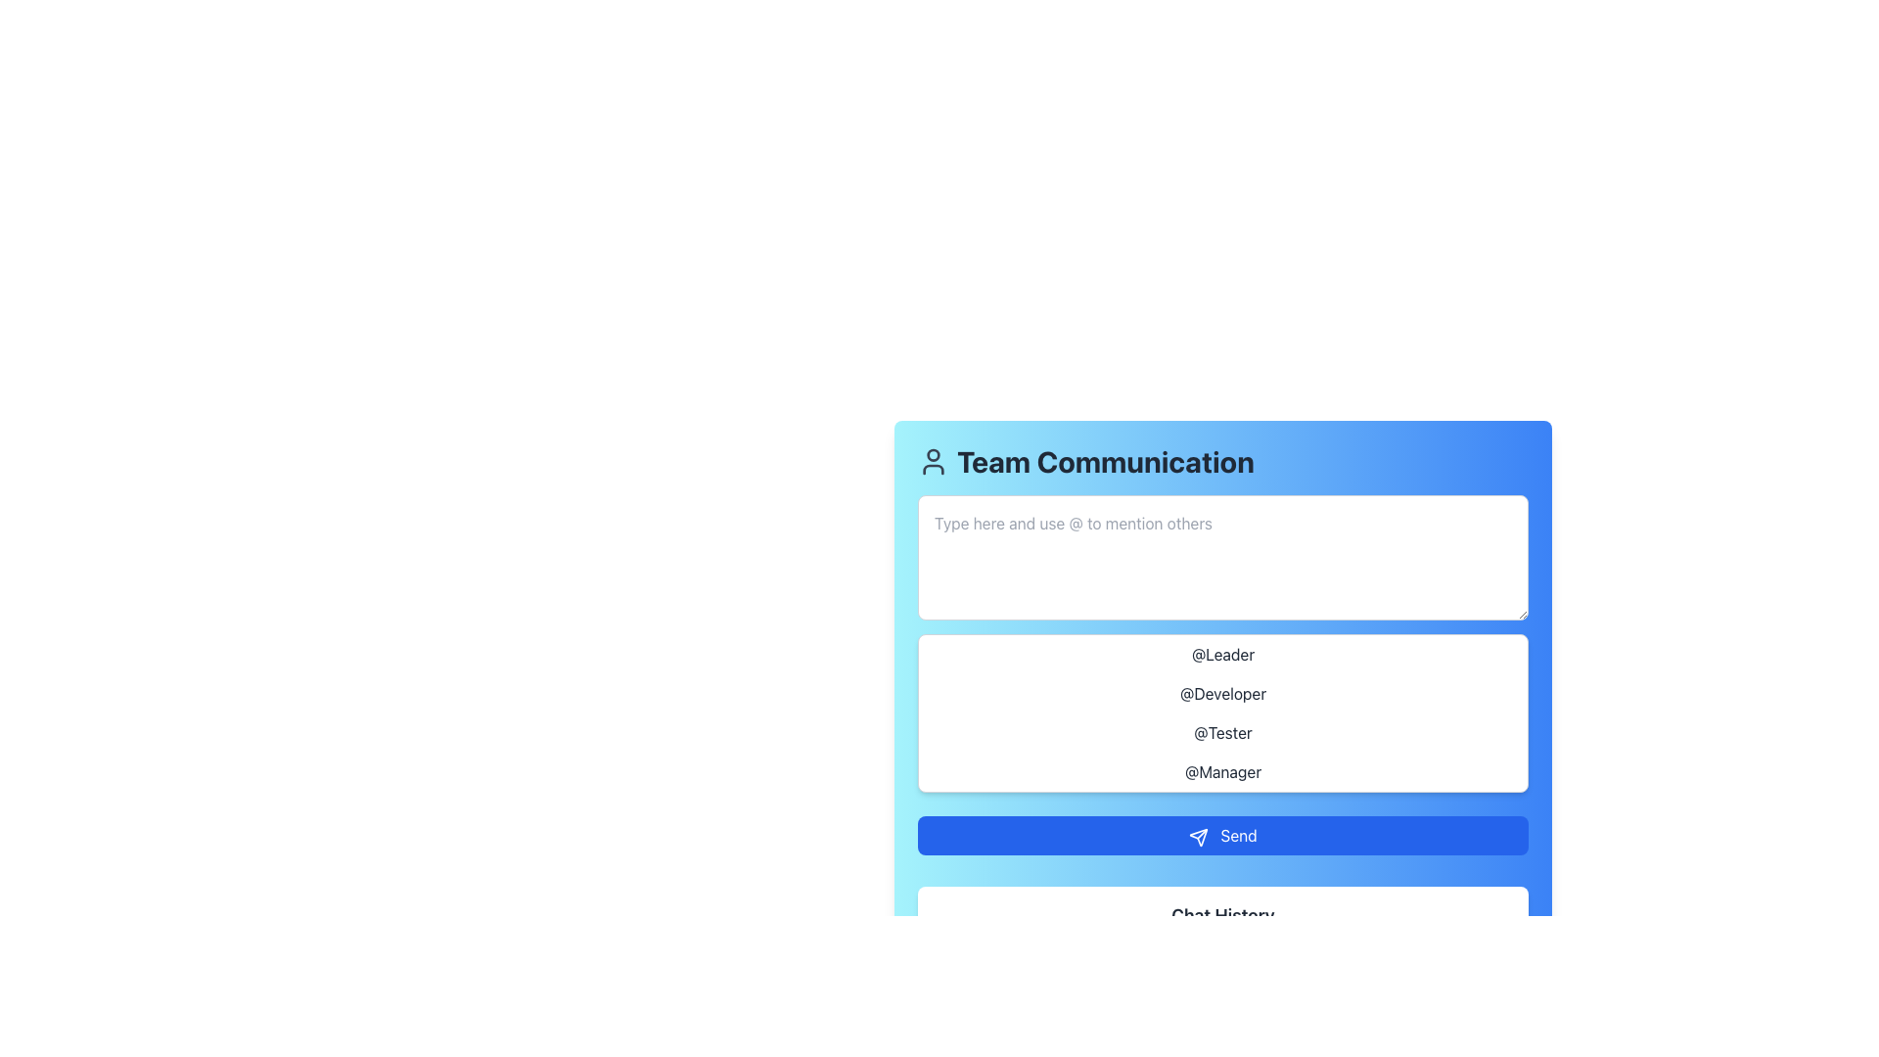  Describe the element at coordinates (1221, 835) in the screenshot. I see `the message send button located at the bottom center of the communication interface` at that location.